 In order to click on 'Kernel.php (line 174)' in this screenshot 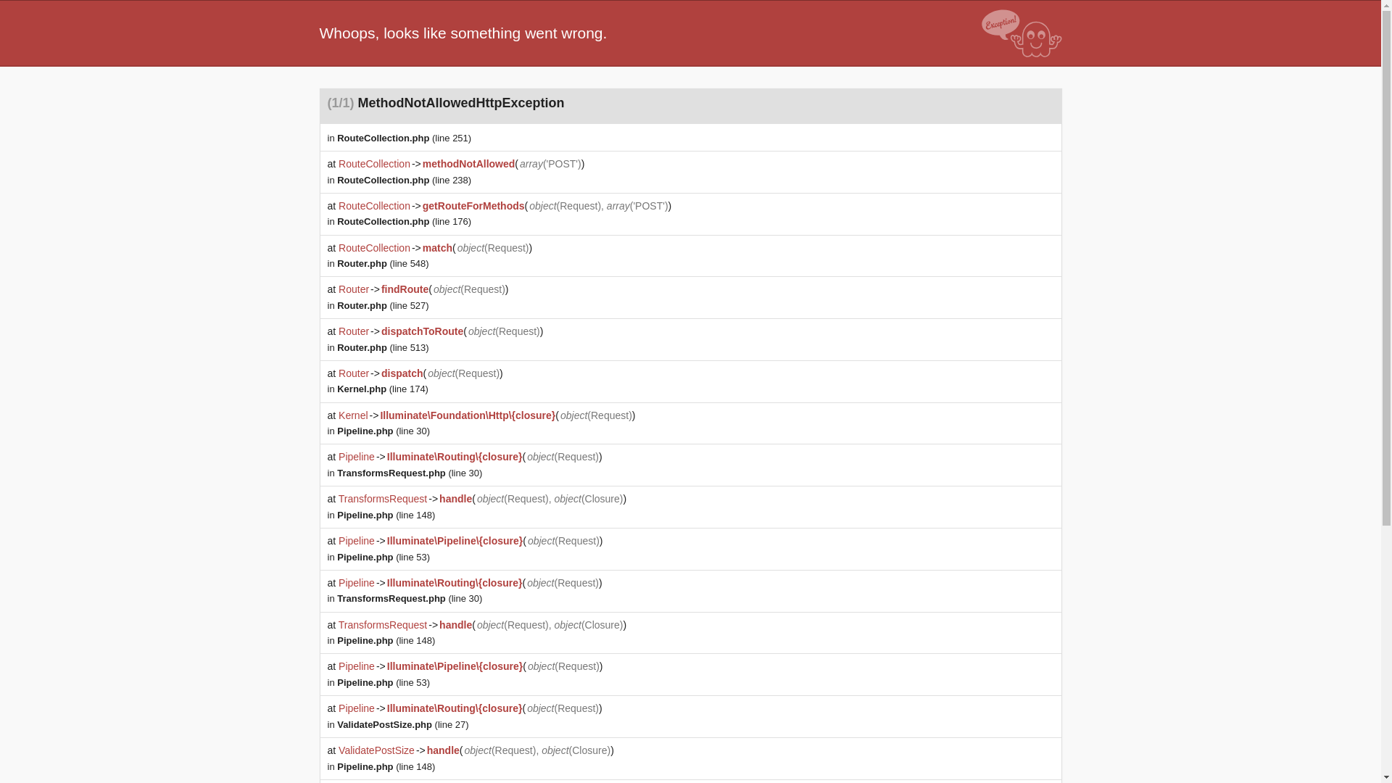, I will do `click(383, 388)`.